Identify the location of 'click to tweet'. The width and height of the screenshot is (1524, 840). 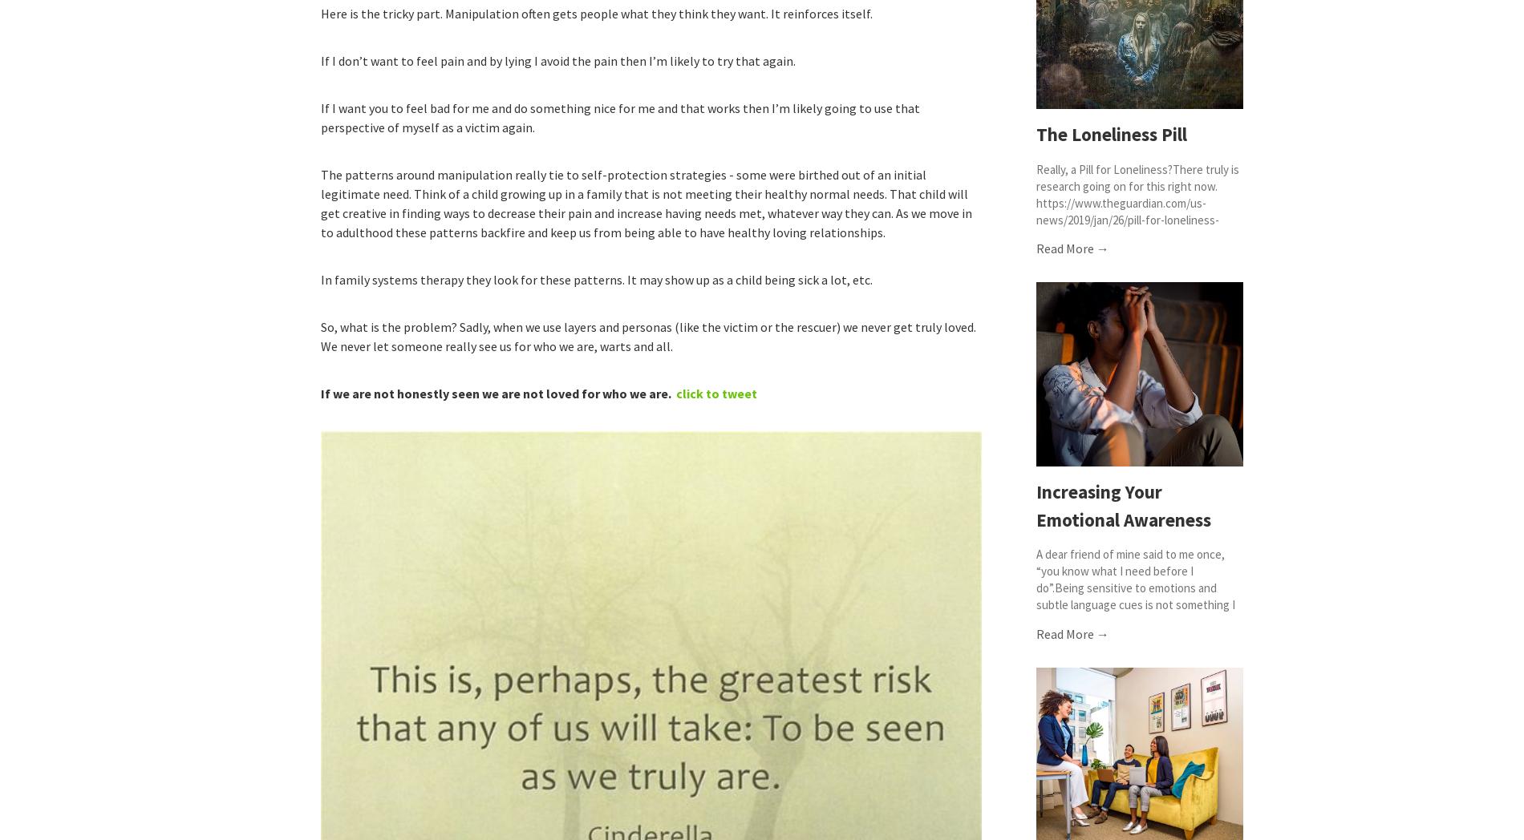
(715, 393).